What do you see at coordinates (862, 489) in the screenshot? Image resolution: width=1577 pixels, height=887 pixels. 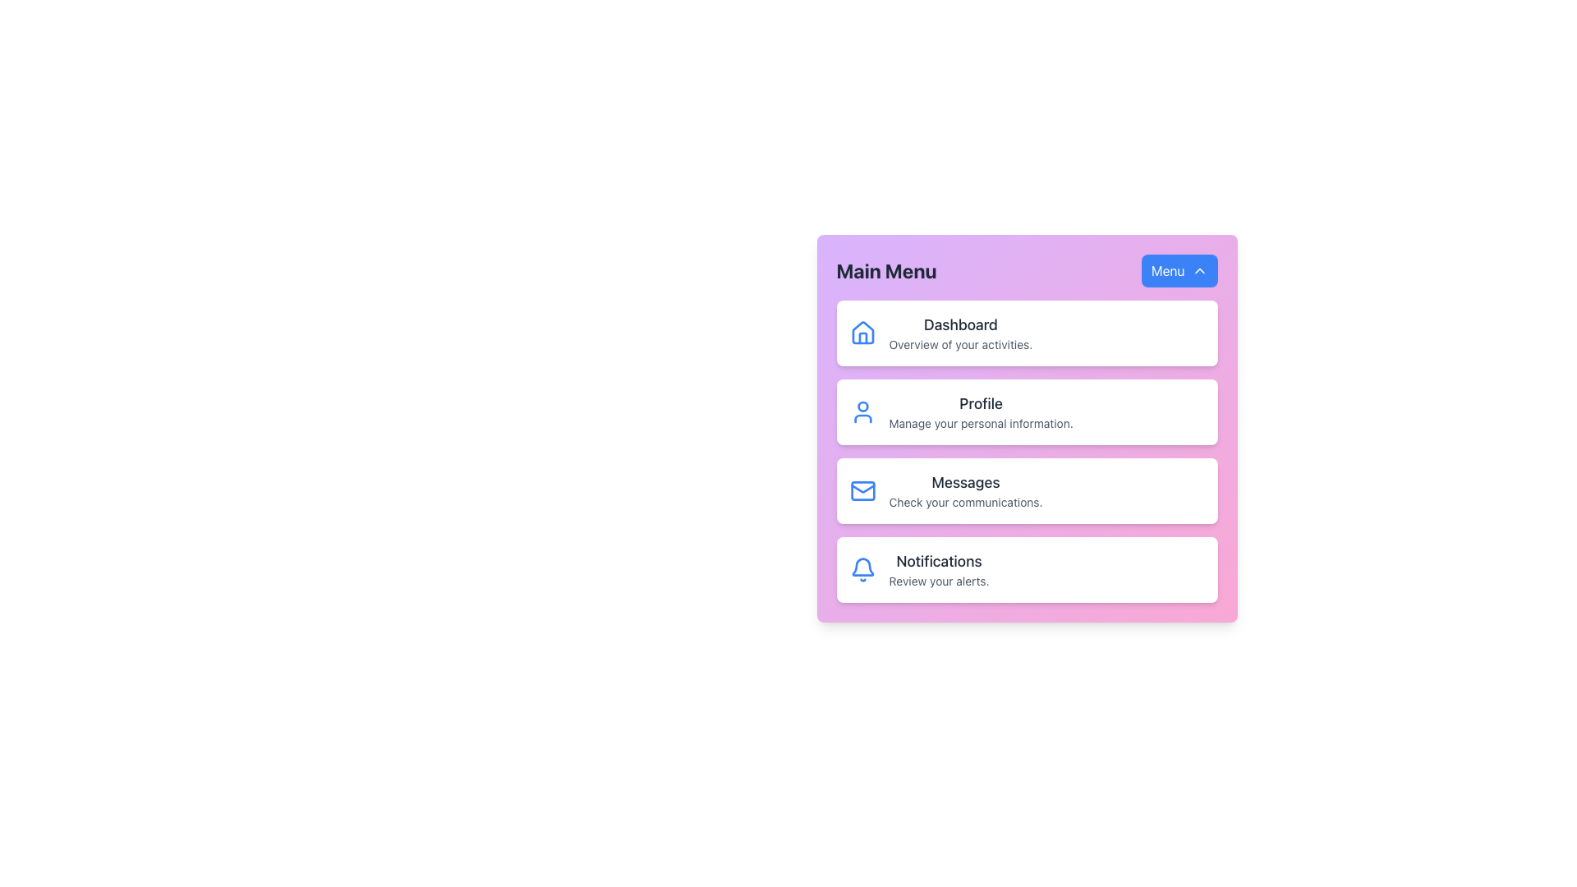 I see `the mail icon located next to the 'Messages' section, specifically the icon resembling a mail envelope, by clicking on it` at bounding box center [862, 489].